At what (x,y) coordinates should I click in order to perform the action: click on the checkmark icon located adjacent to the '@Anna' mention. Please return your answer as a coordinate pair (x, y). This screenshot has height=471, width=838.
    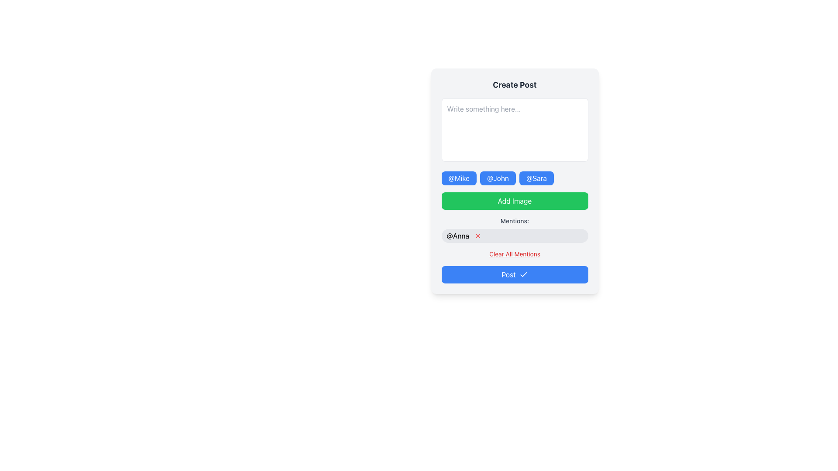
    Looking at the image, I should click on (523, 274).